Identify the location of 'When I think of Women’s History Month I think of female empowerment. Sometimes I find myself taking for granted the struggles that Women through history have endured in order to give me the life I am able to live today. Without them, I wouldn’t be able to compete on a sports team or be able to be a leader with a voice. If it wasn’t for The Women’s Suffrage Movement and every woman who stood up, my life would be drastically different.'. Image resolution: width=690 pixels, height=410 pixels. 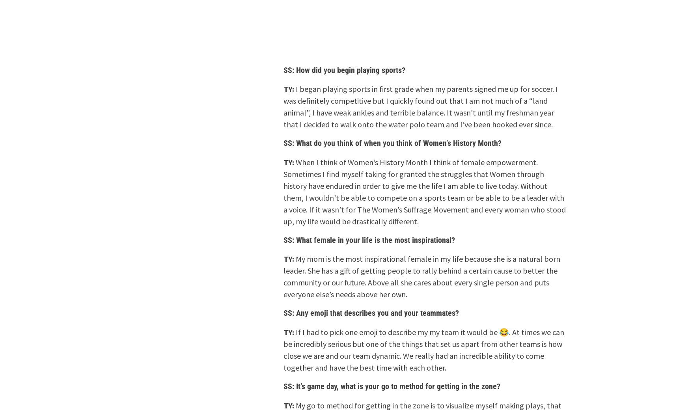
(424, 191).